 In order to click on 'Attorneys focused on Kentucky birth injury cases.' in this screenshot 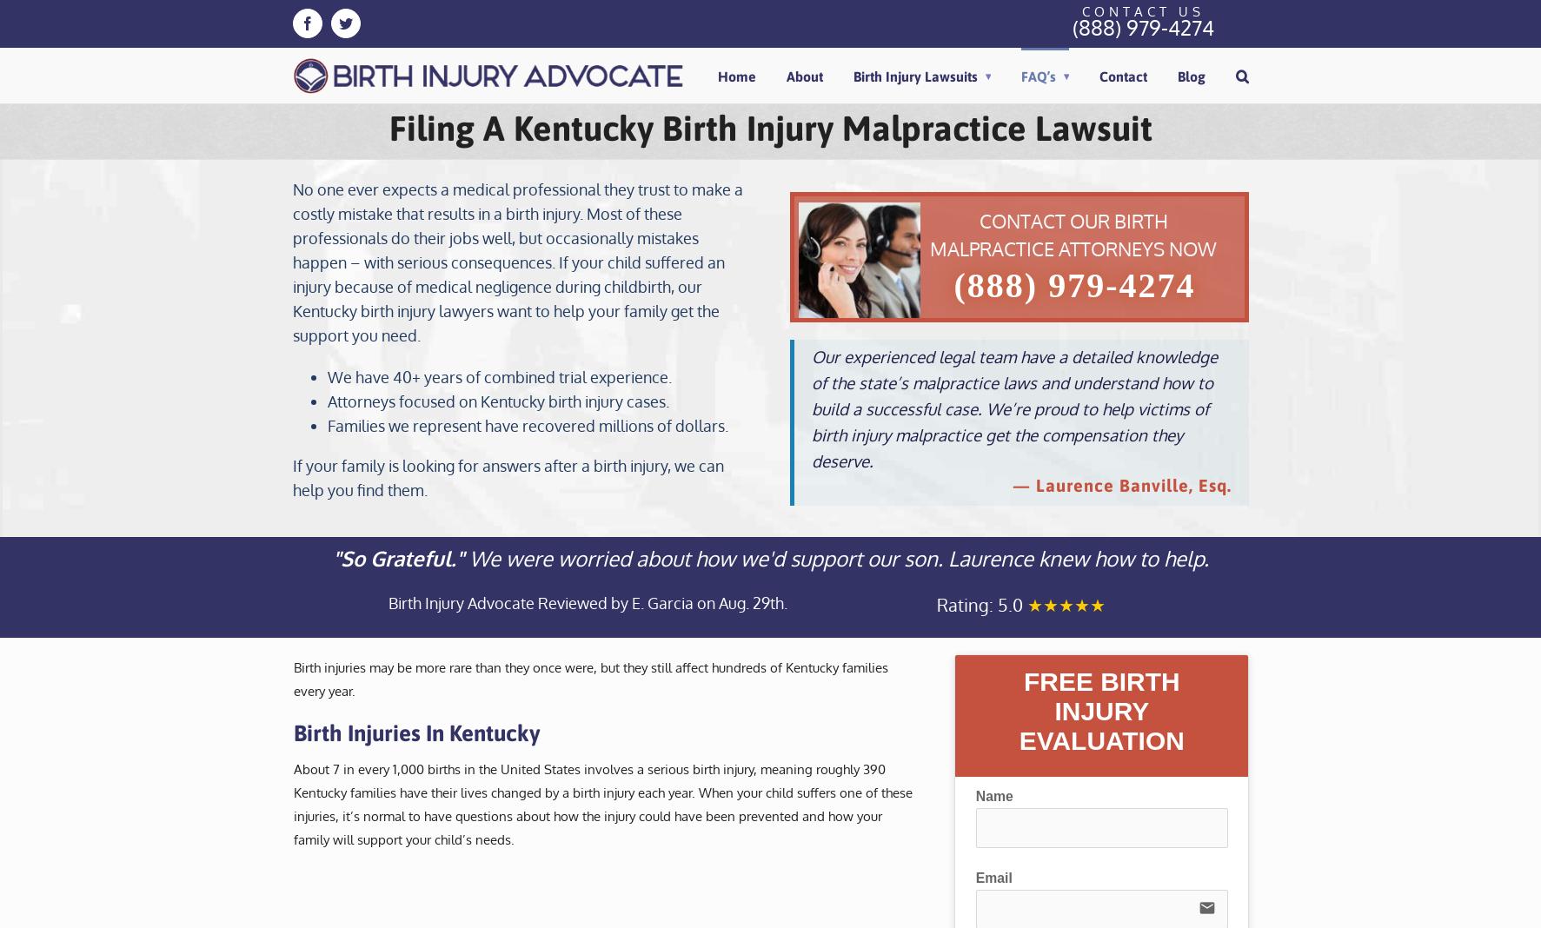, I will do `click(497, 401)`.